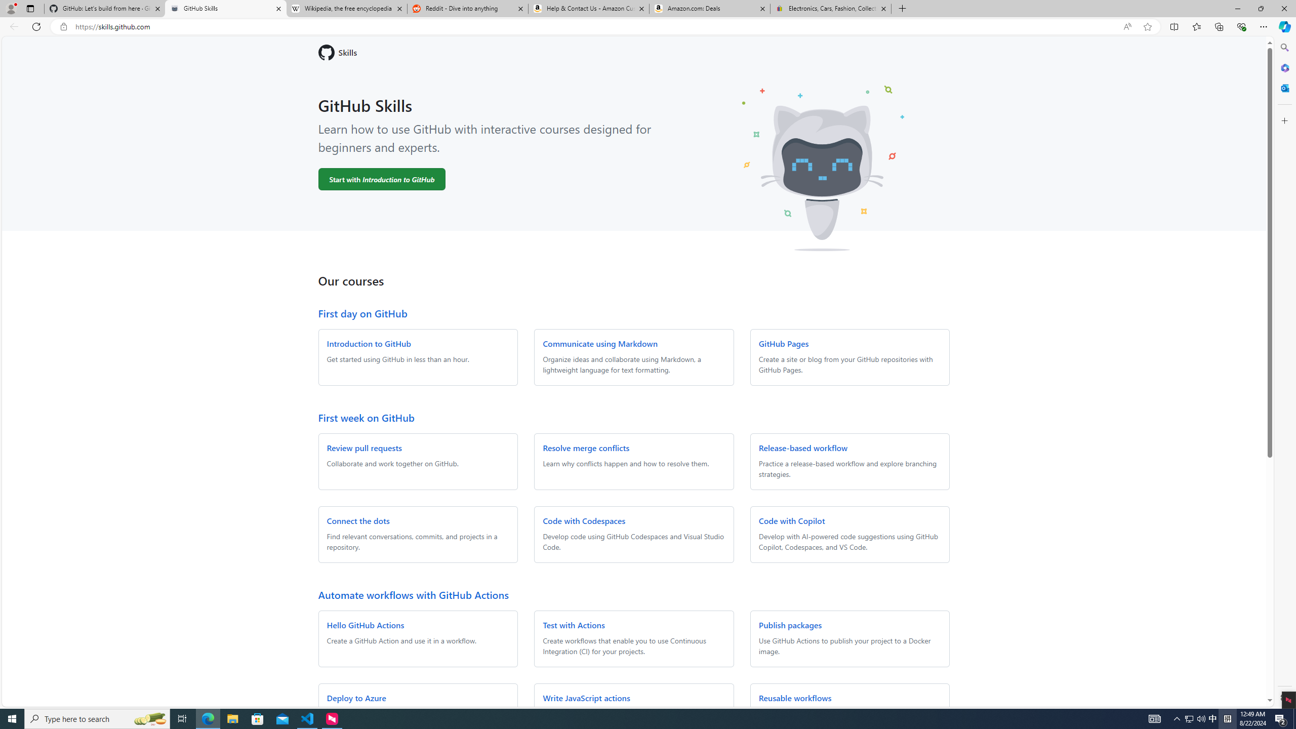 The width and height of the screenshot is (1296, 729). I want to click on 'Introduction to GitHub', so click(368, 343).